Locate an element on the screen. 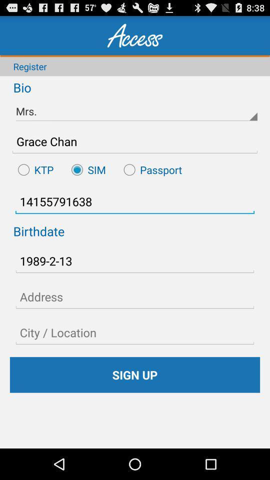 The image size is (270, 480). bar to enter address is located at coordinates (135, 296).